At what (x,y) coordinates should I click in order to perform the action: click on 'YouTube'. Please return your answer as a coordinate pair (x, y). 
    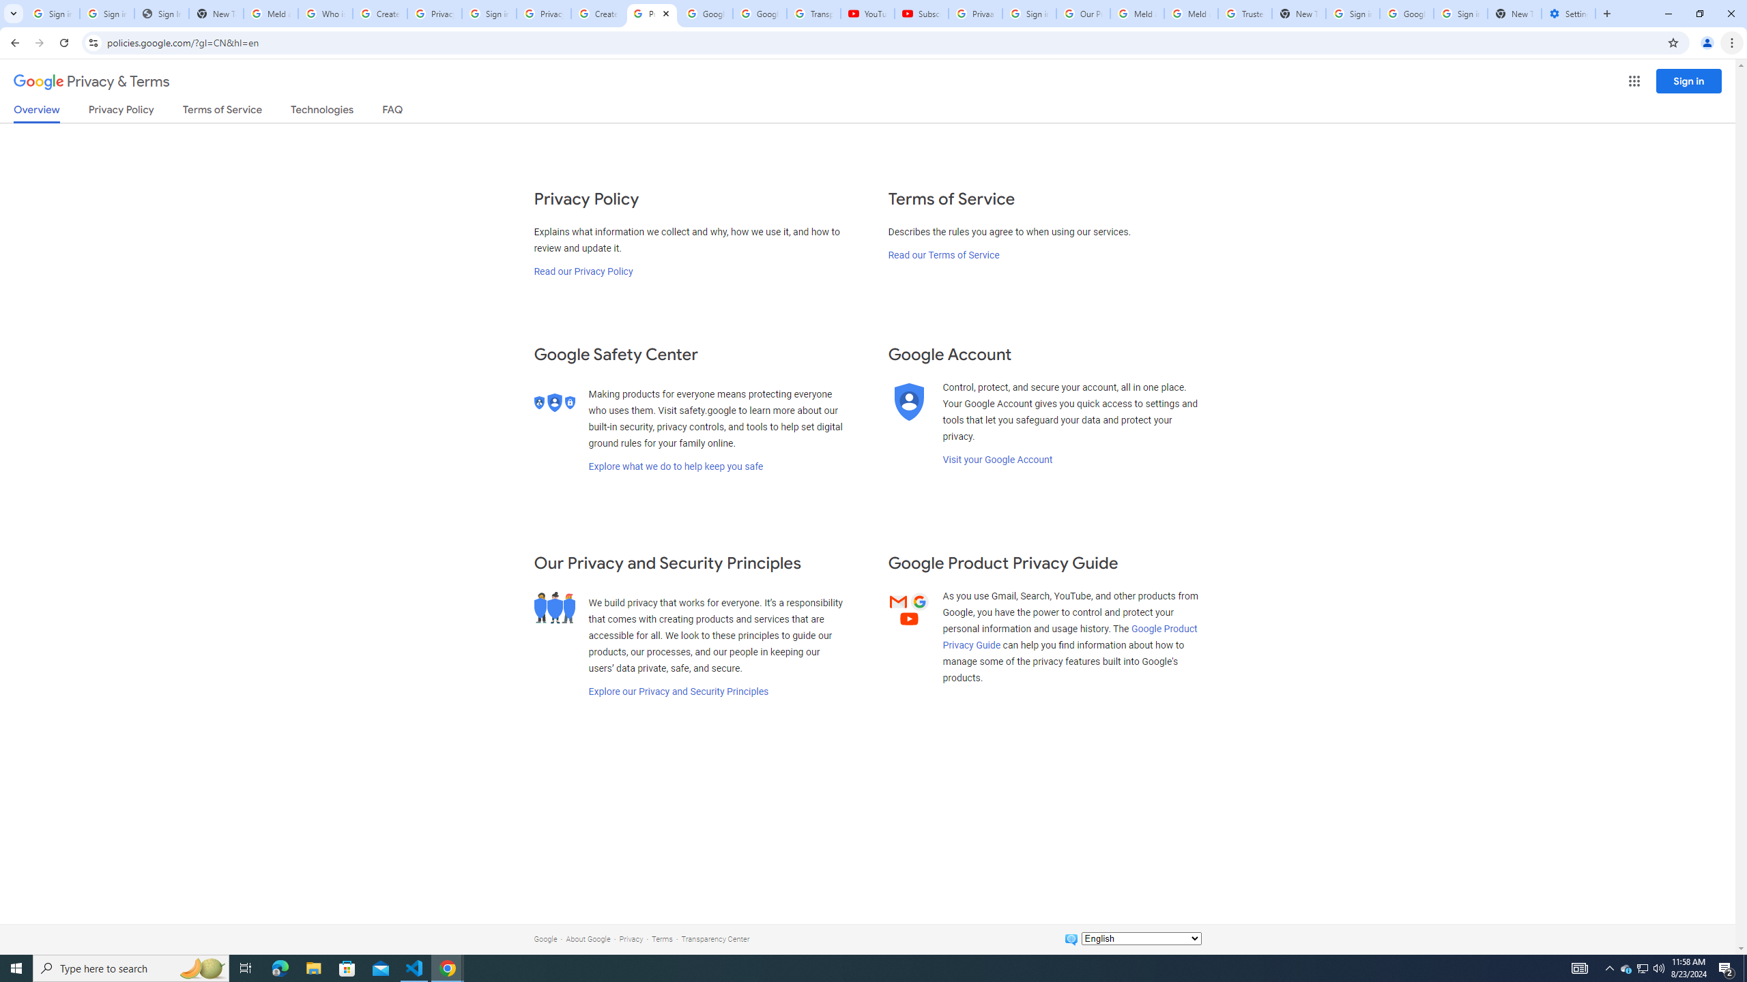
    Looking at the image, I should click on (867, 13).